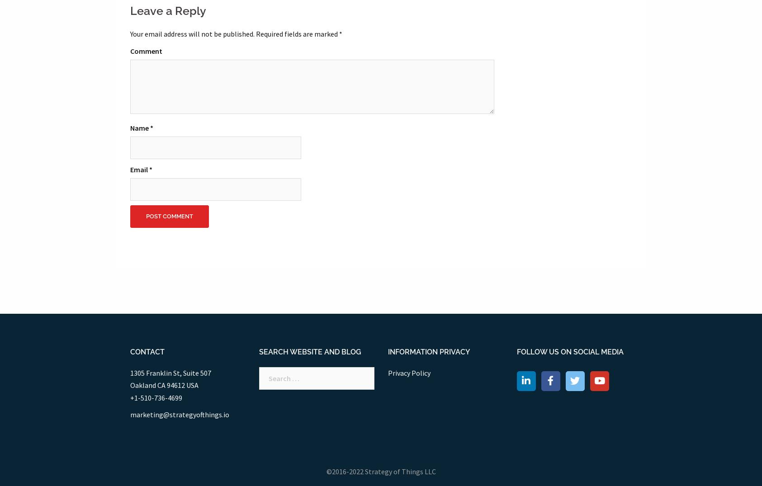  Describe the element at coordinates (179, 414) in the screenshot. I see `'marketing@strategyofthings.io'` at that location.